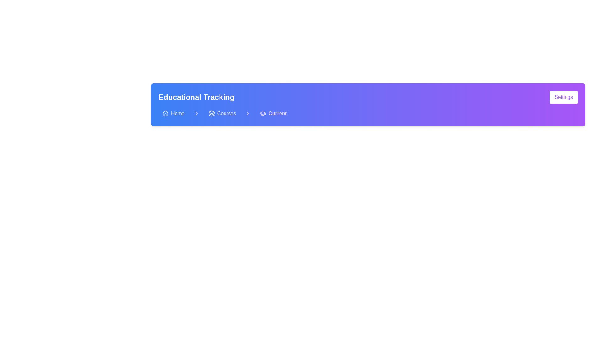  What do you see at coordinates (196, 114) in the screenshot?
I see `the right-pointing chevron arrow icon styled in light purple, which is located between the 'Home' and 'Courses' labels in the breadcrumb navigation bar` at bounding box center [196, 114].